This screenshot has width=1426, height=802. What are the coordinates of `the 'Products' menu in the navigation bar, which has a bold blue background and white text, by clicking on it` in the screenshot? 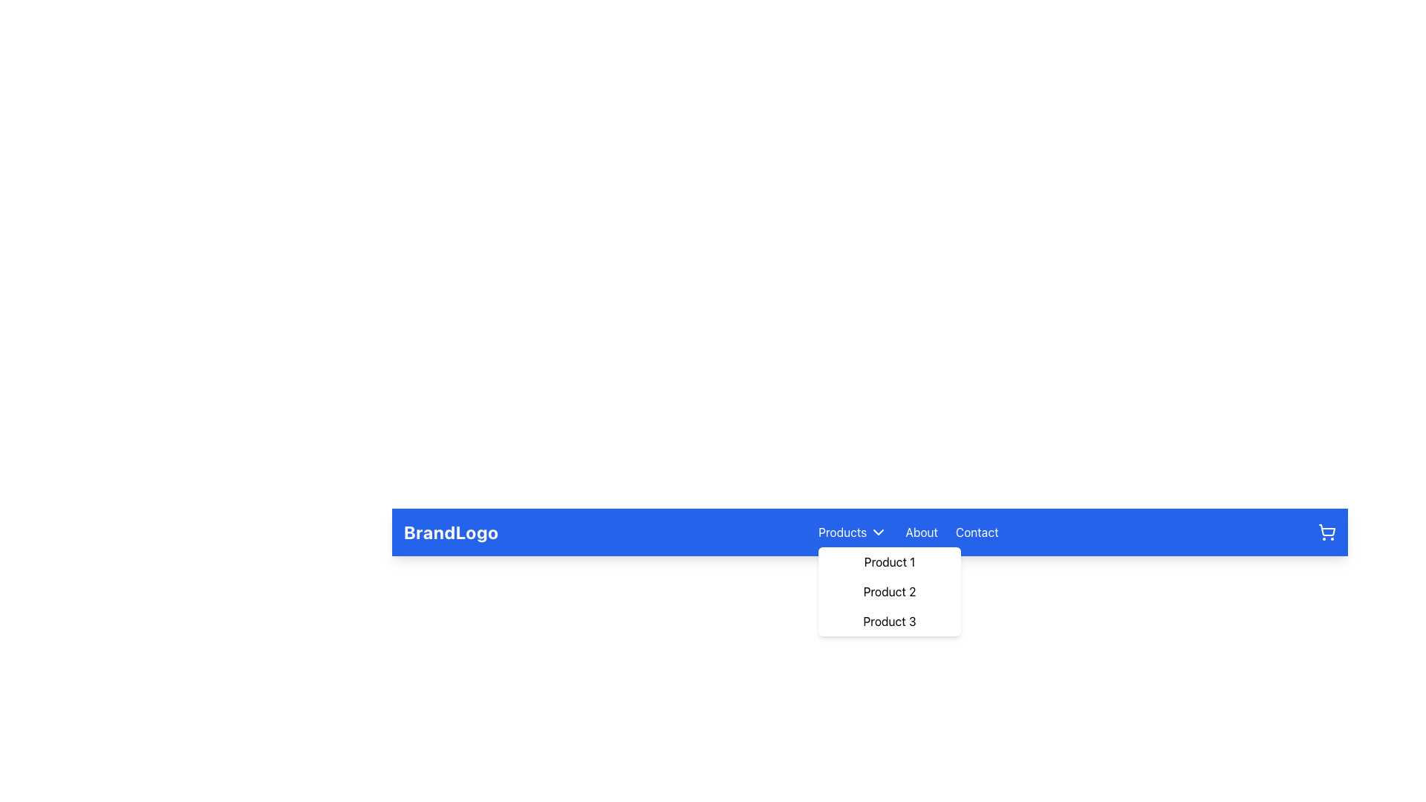 It's located at (870, 532).